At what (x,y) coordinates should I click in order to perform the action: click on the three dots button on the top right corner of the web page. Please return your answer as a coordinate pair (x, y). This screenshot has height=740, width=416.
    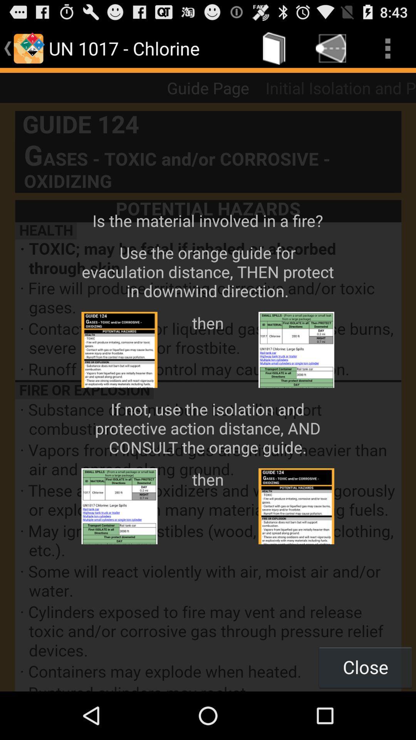
    Looking at the image, I should click on (387, 48).